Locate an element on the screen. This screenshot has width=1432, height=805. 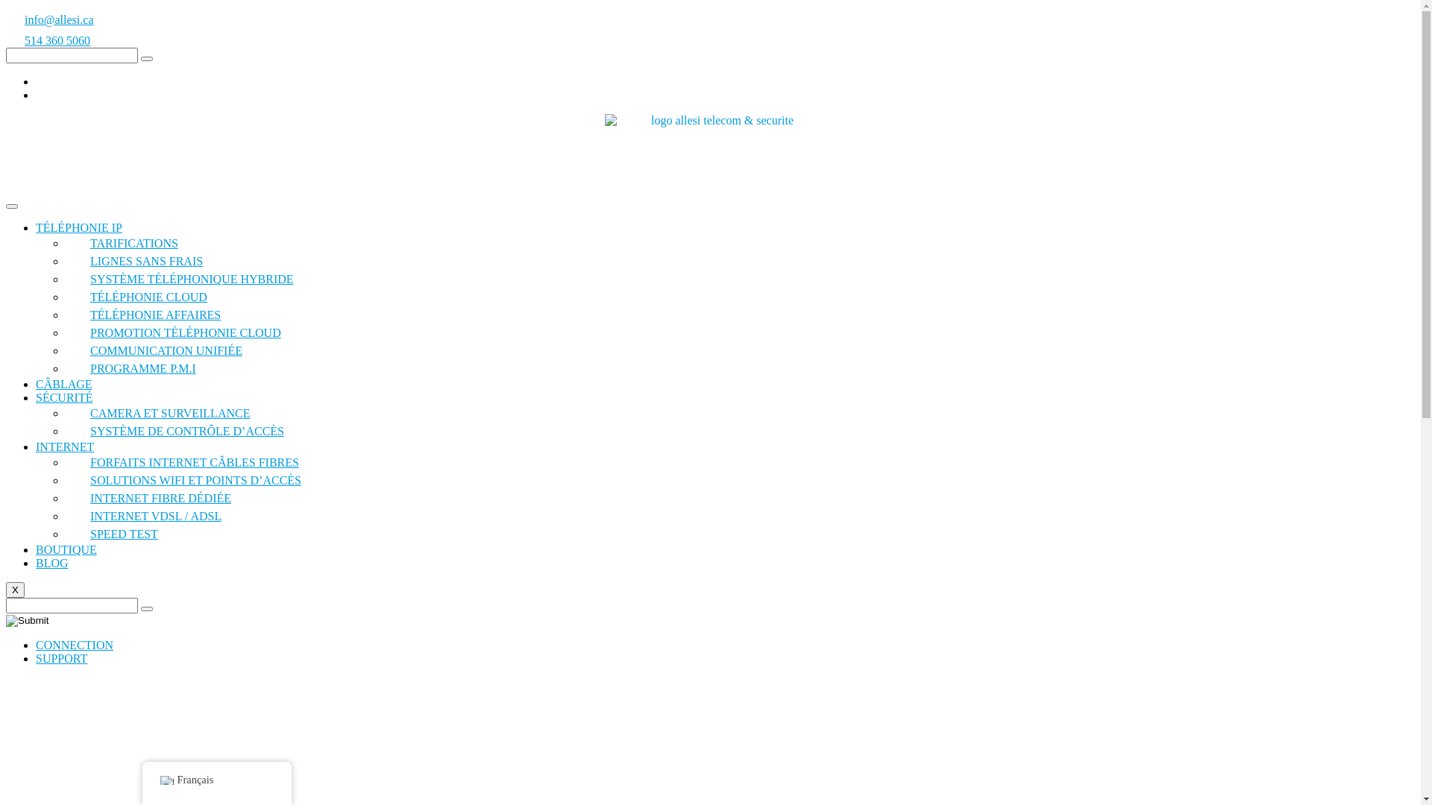
'INTERNET VDSL / ADSL' is located at coordinates (163, 514).